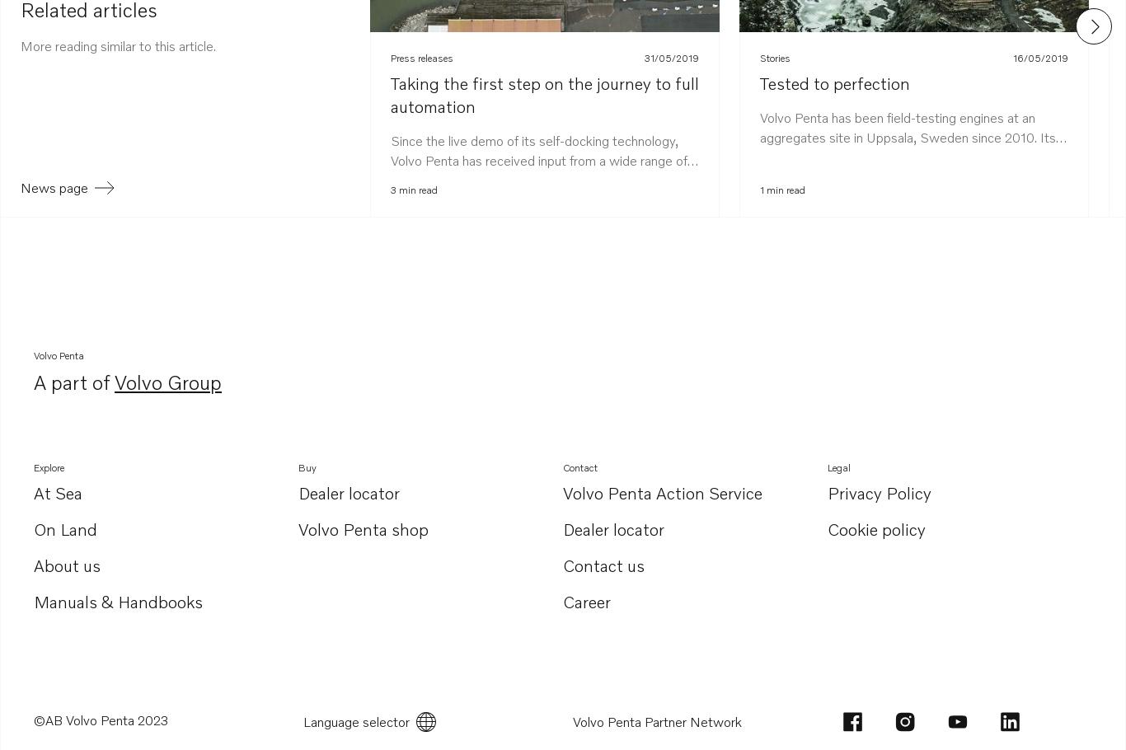  What do you see at coordinates (421, 56) in the screenshot?
I see `'Press releases'` at bounding box center [421, 56].